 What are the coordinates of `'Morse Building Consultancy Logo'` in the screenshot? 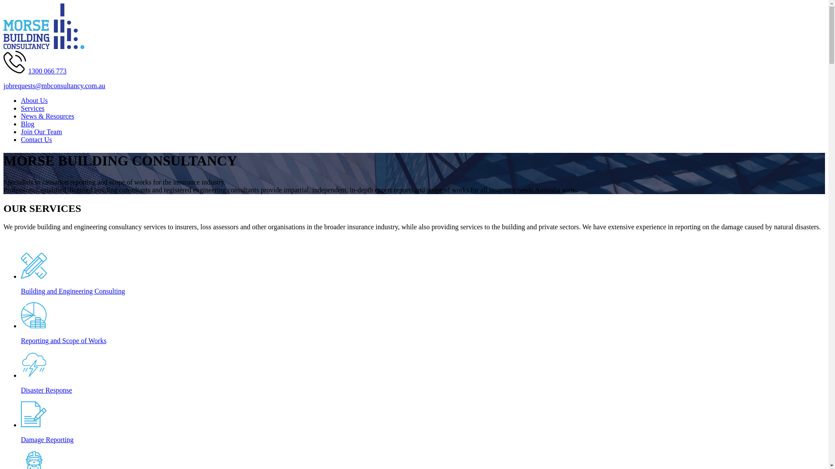 It's located at (43, 26).